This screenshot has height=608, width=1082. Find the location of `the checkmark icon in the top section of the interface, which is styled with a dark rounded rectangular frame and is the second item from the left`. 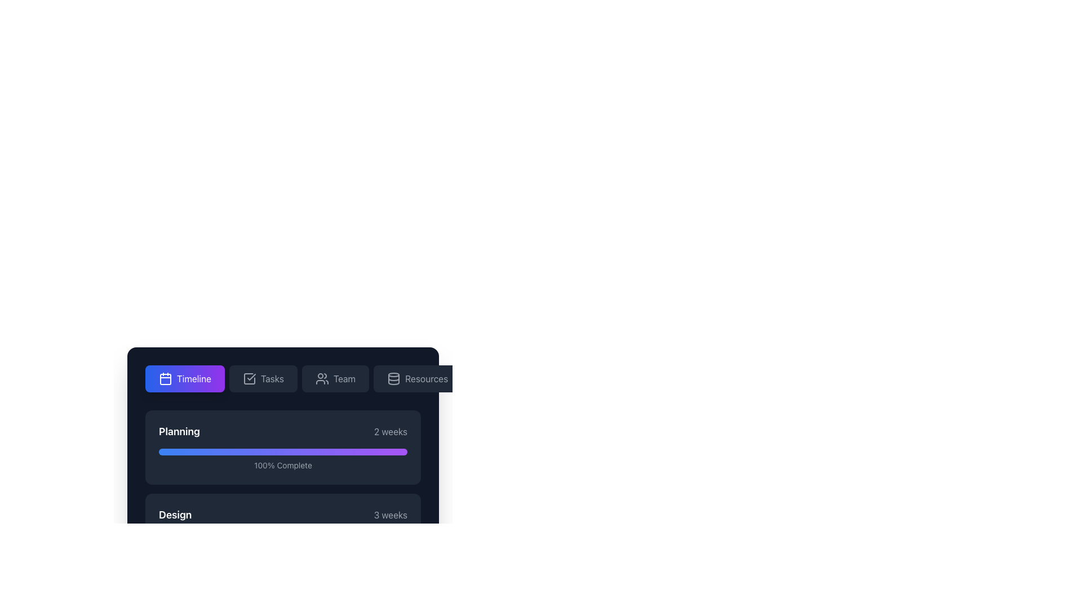

the checkmark icon in the top section of the interface, which is styled with a dark rounded rectangular frame and is the second item from the left is located at coordinates (249, 378).